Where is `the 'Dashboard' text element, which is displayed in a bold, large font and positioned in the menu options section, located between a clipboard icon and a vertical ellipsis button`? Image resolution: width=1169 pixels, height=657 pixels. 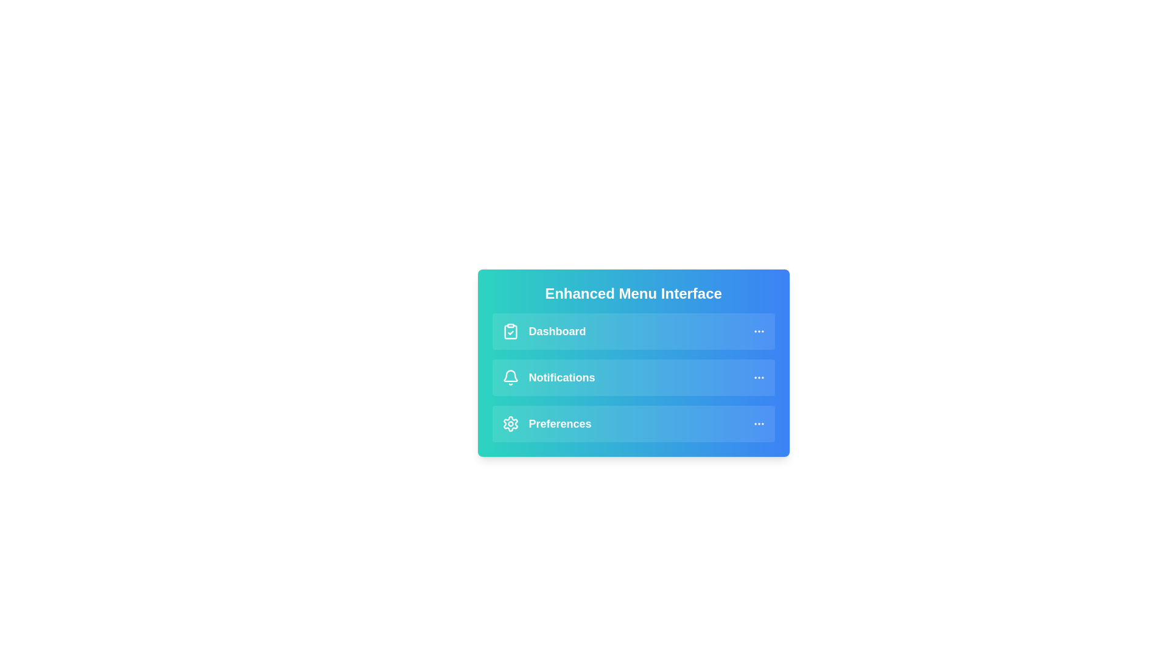
the 'Dashboard' text element, which is displayed in a bold, large font and positioned in the menu options section, located between a clipboard icon and a vertical ellipsis button is located at coordinates (556, 331).